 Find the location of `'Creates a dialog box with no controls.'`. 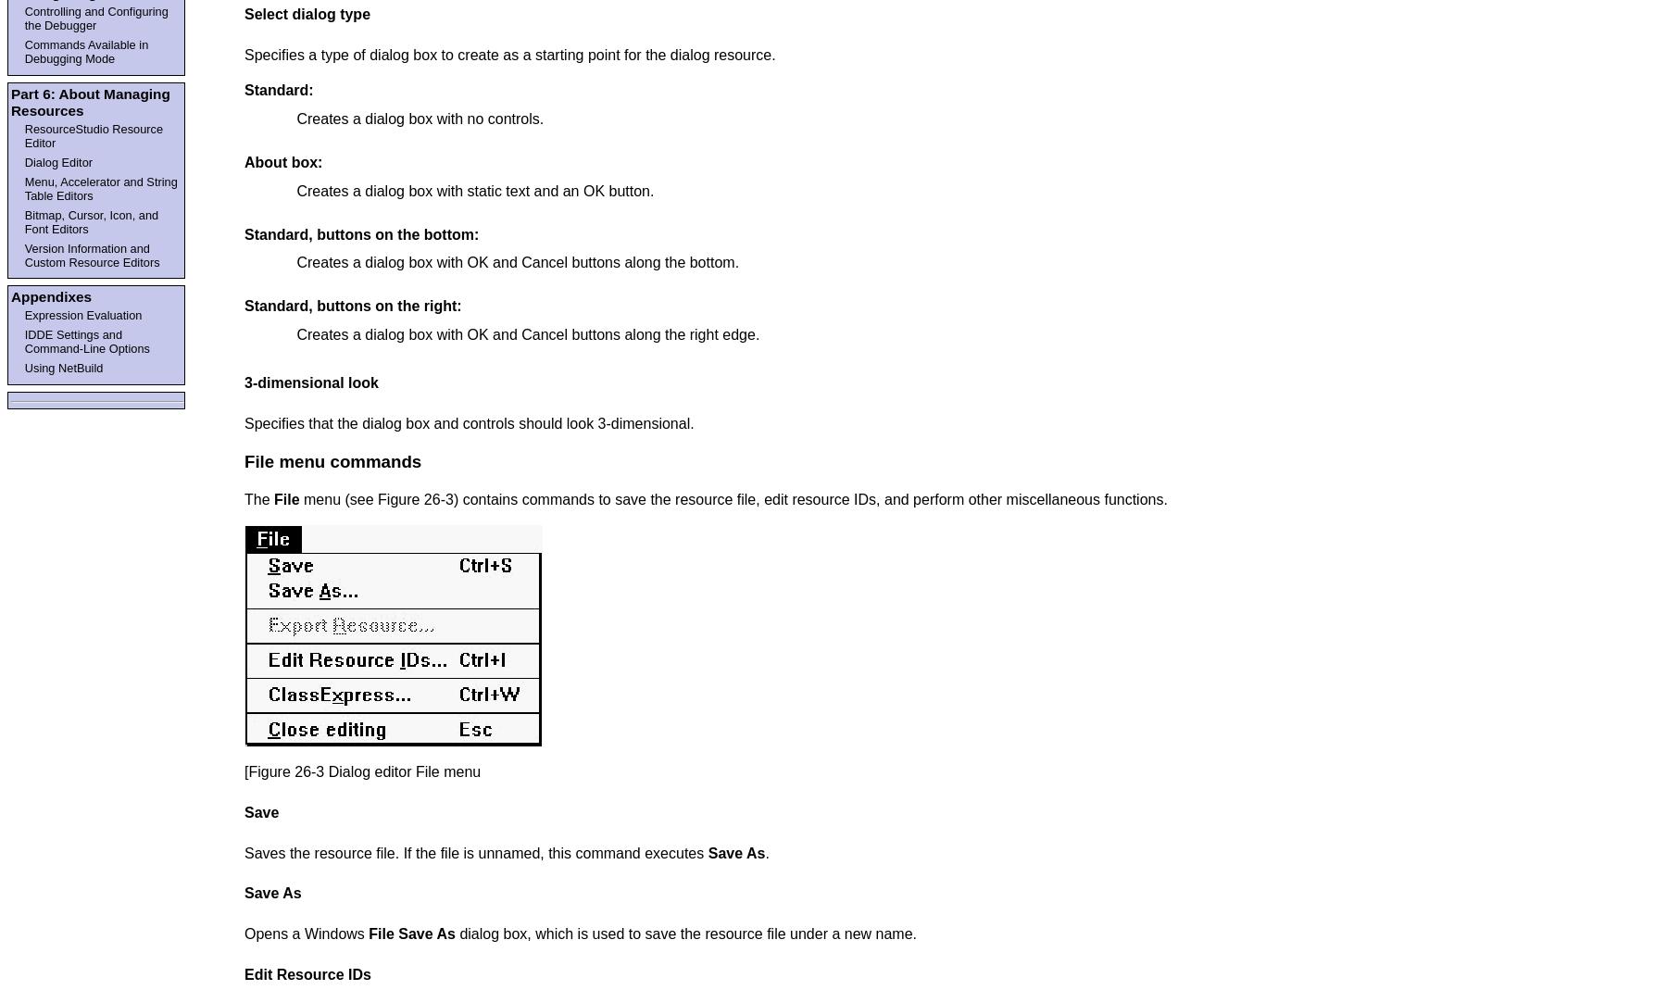

'Creates a dialog box with no controls.' is located at coordinates (419, 119).